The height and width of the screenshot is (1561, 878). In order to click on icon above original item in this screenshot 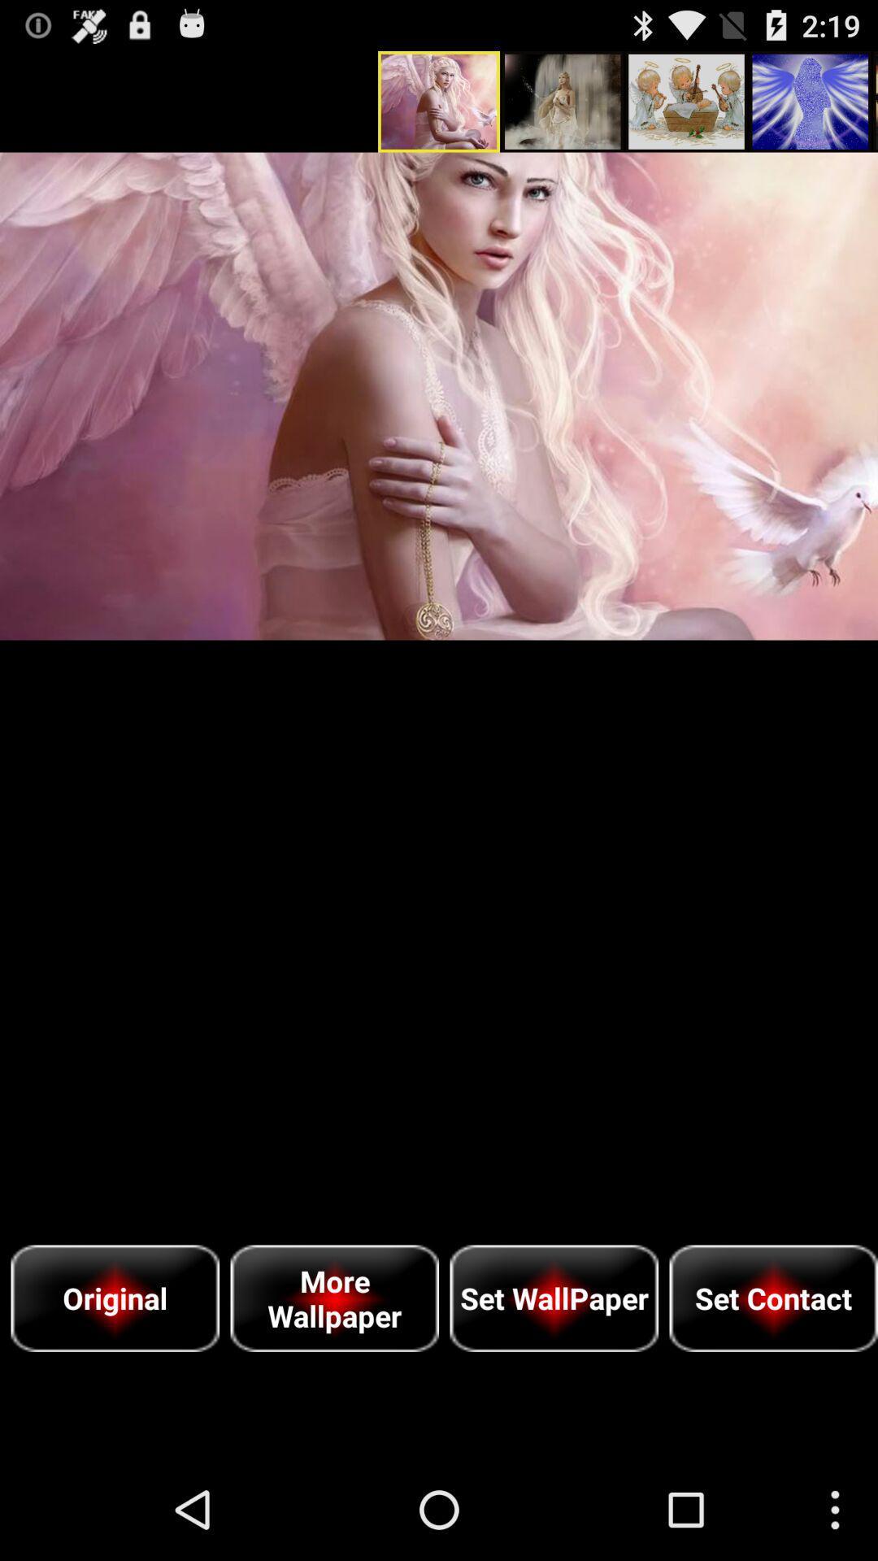, I will do `click(439, 396)`.